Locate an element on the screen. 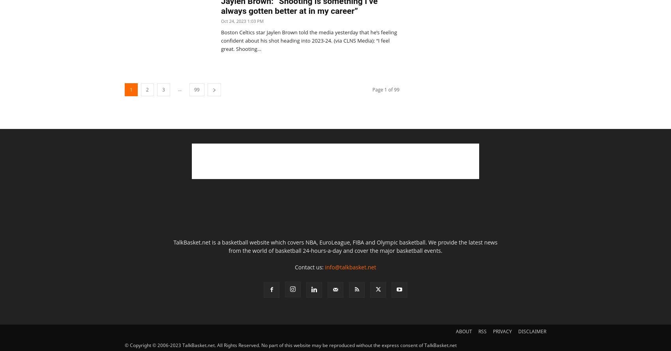  '© Copyright © 2006-2023 TalkBasket.net. All Rights Reserved. No part of this website may be reproduced without the express consent of TalkBasket.net' is located at coordinates (291, 345).